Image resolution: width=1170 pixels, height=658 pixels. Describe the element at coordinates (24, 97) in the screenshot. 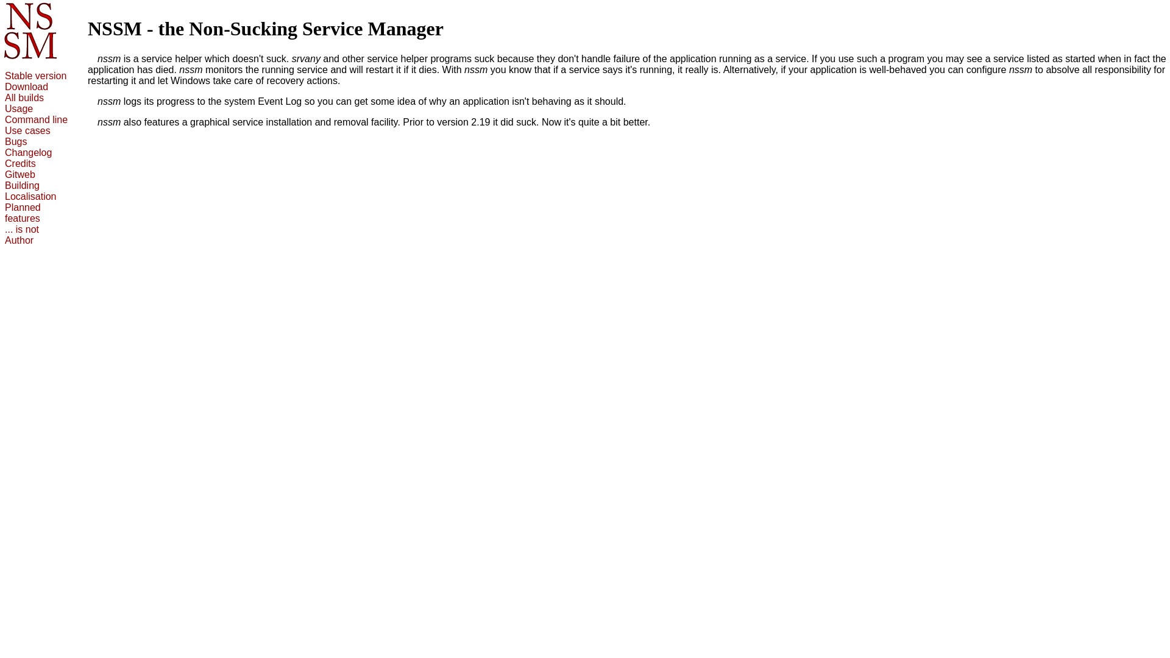

I see `'All builds'` at that location.